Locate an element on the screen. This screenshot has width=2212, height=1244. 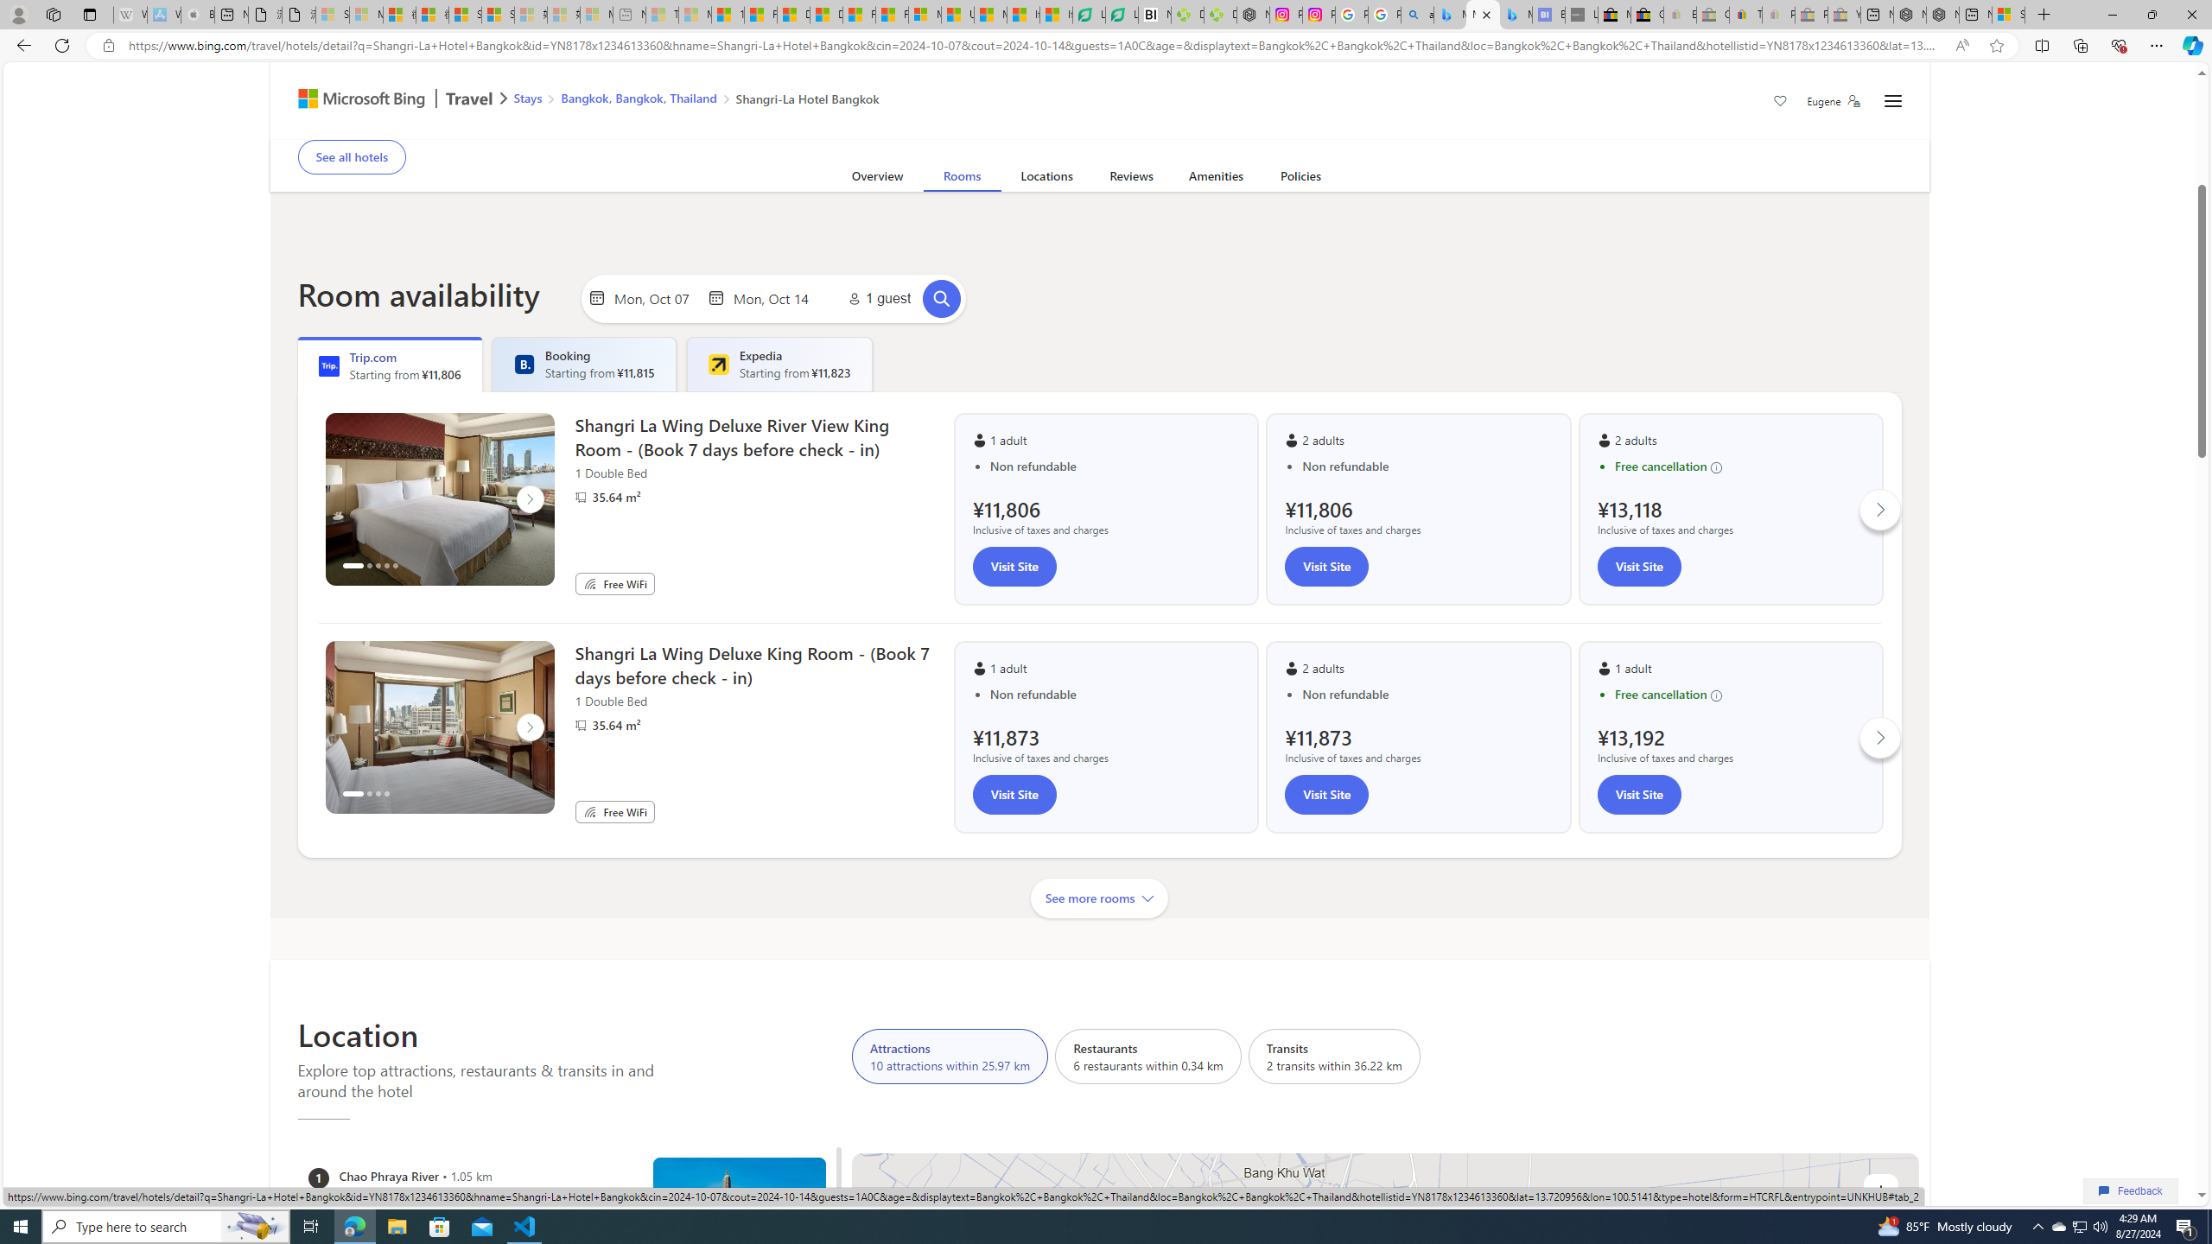
'Eugene' is located at coordinates (1833, 100).